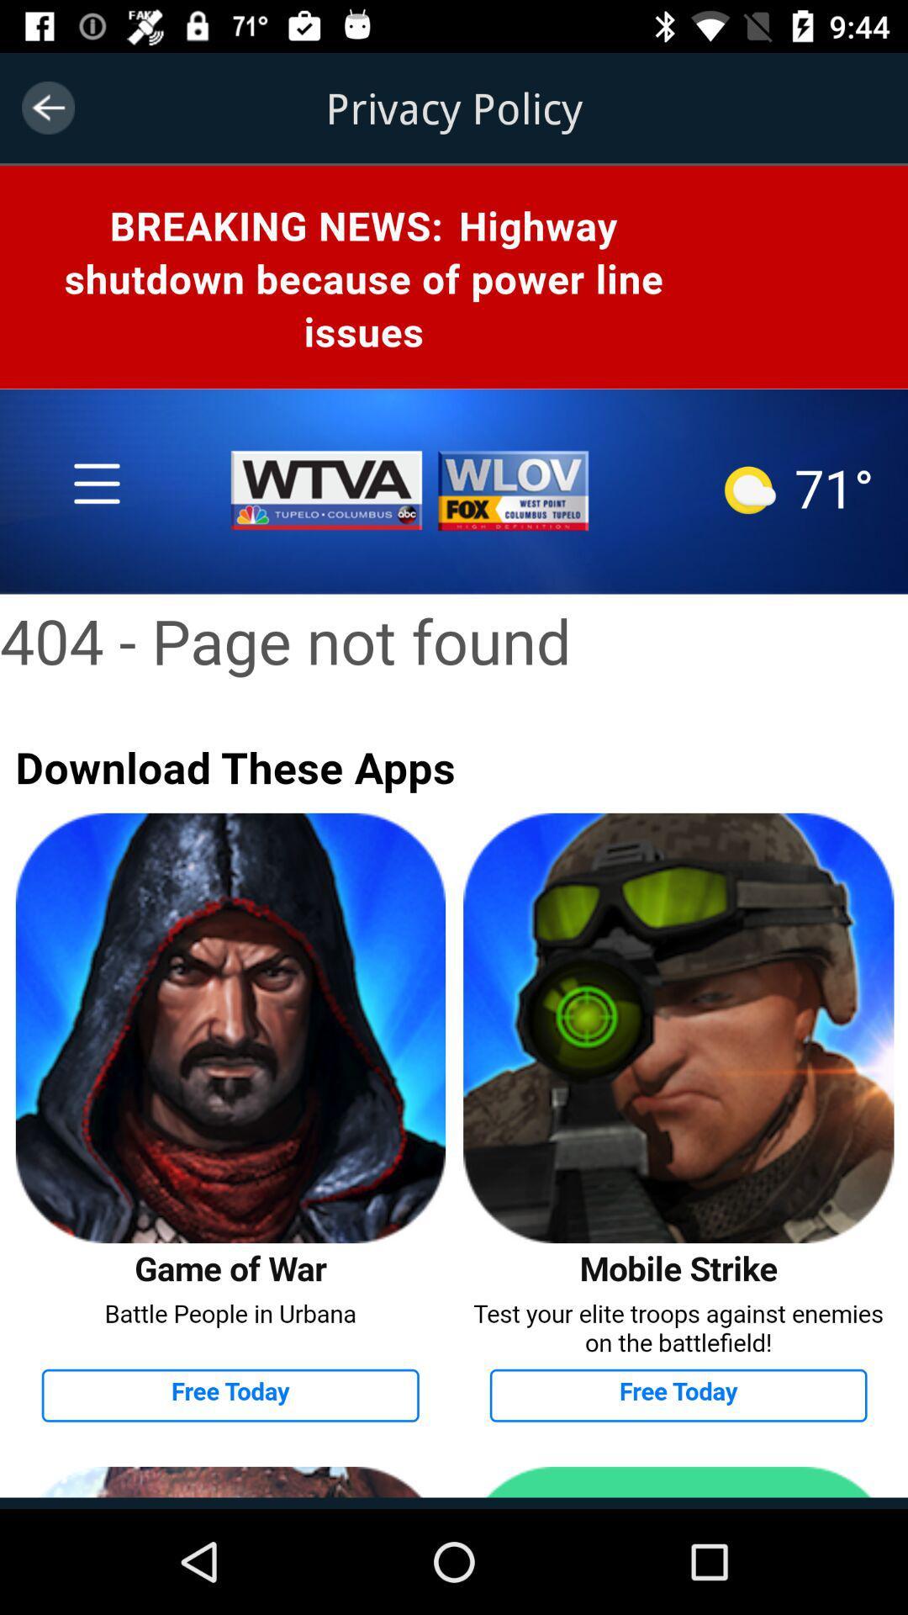 The image size is (908, 1615). Describe the element at coordinates (47, 107) in the screenshot. I see `the arrow_backward icon` at that location.